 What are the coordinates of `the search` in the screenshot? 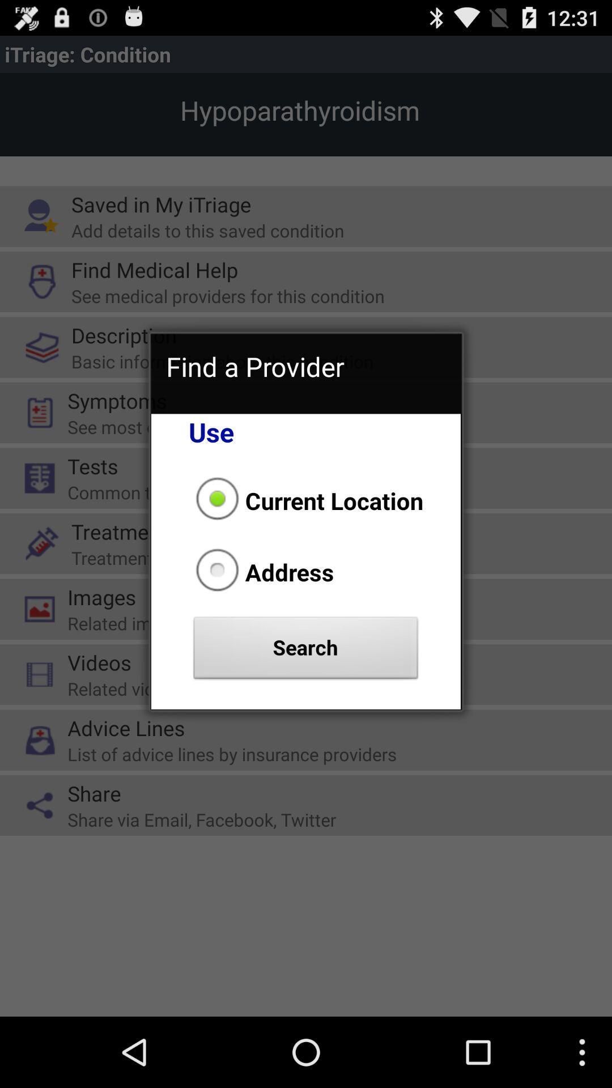 It's located at (306, 651).